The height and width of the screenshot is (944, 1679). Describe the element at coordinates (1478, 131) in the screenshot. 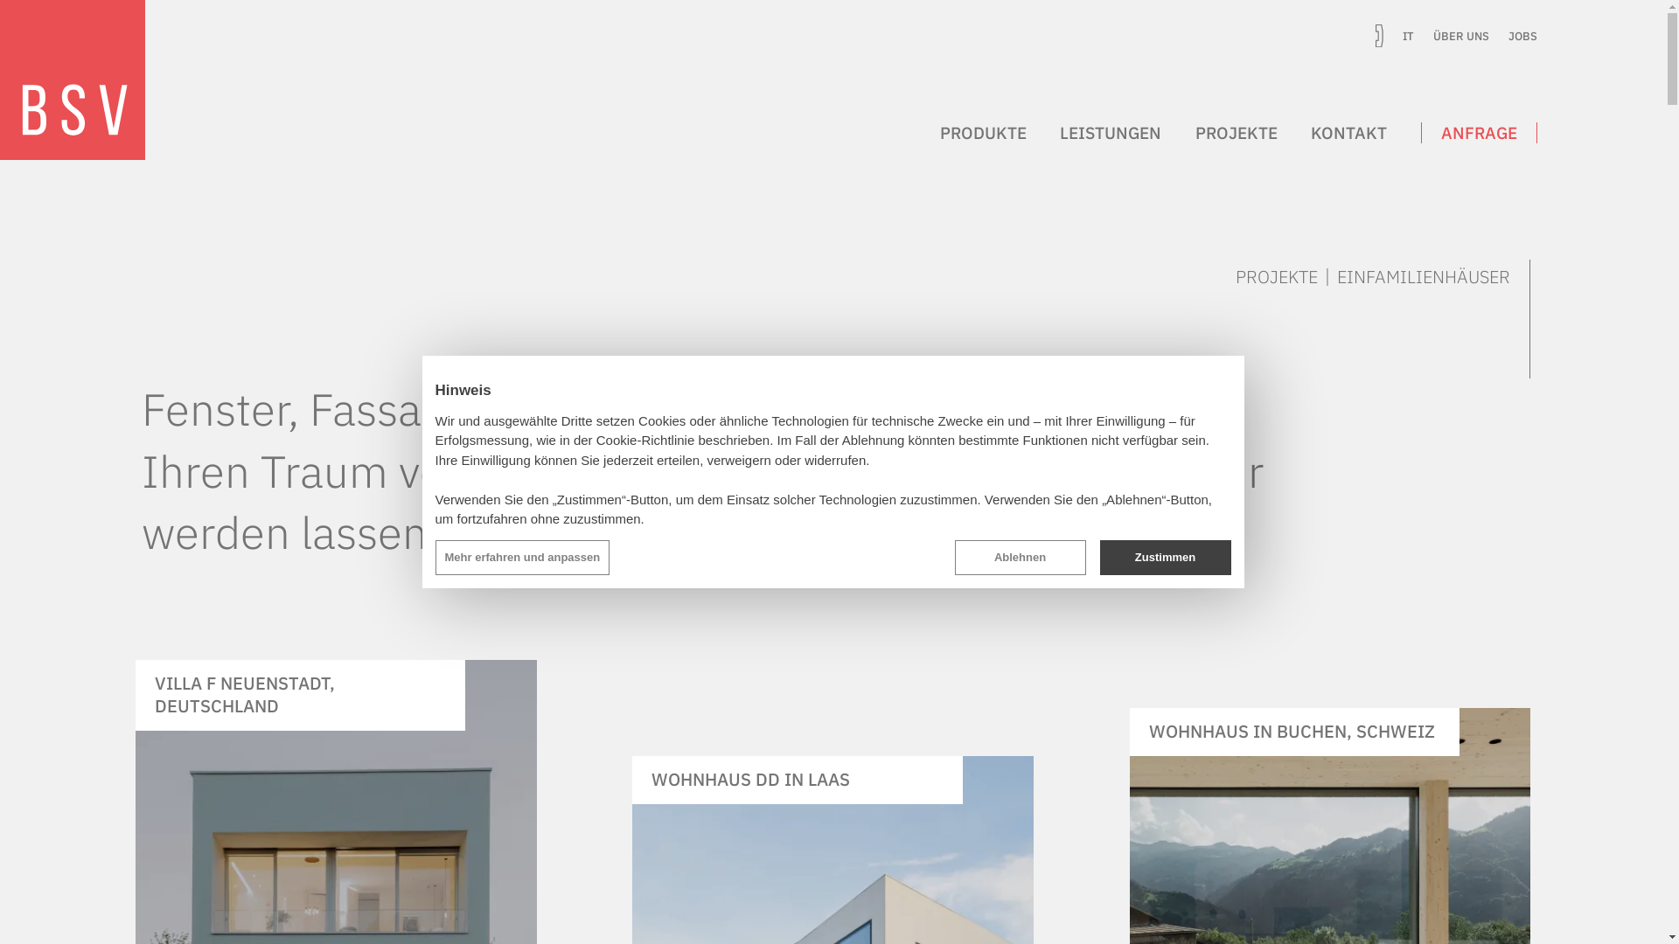

I see `'ANFRAGE'` at that location.